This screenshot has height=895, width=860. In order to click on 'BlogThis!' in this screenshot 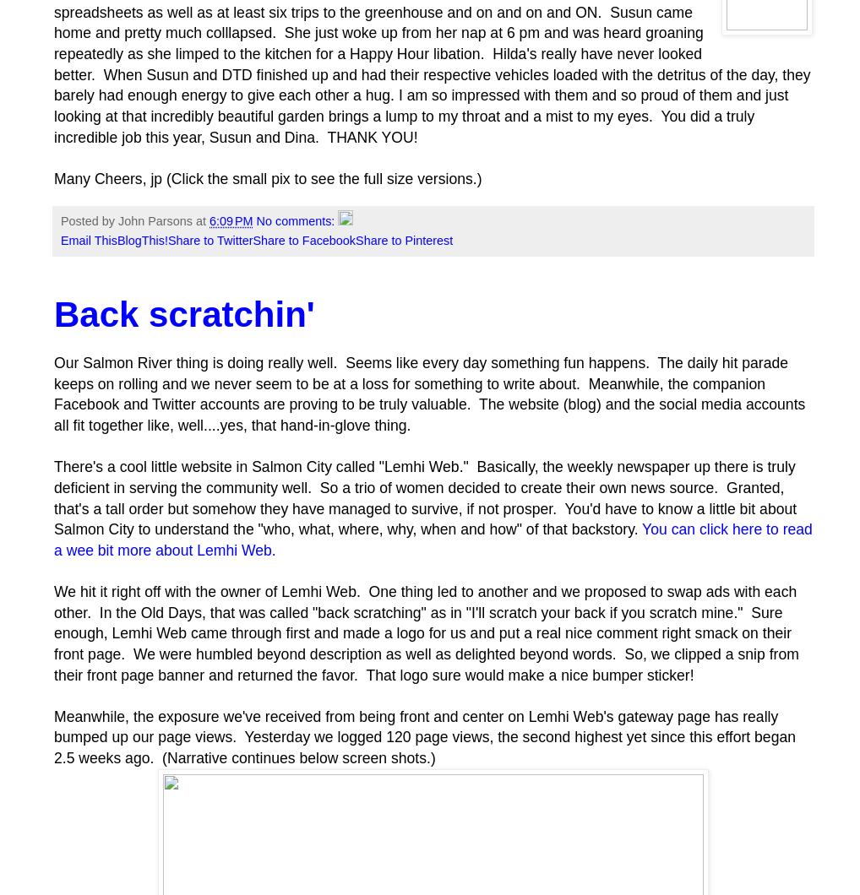, I will do `click(141, 241)`.